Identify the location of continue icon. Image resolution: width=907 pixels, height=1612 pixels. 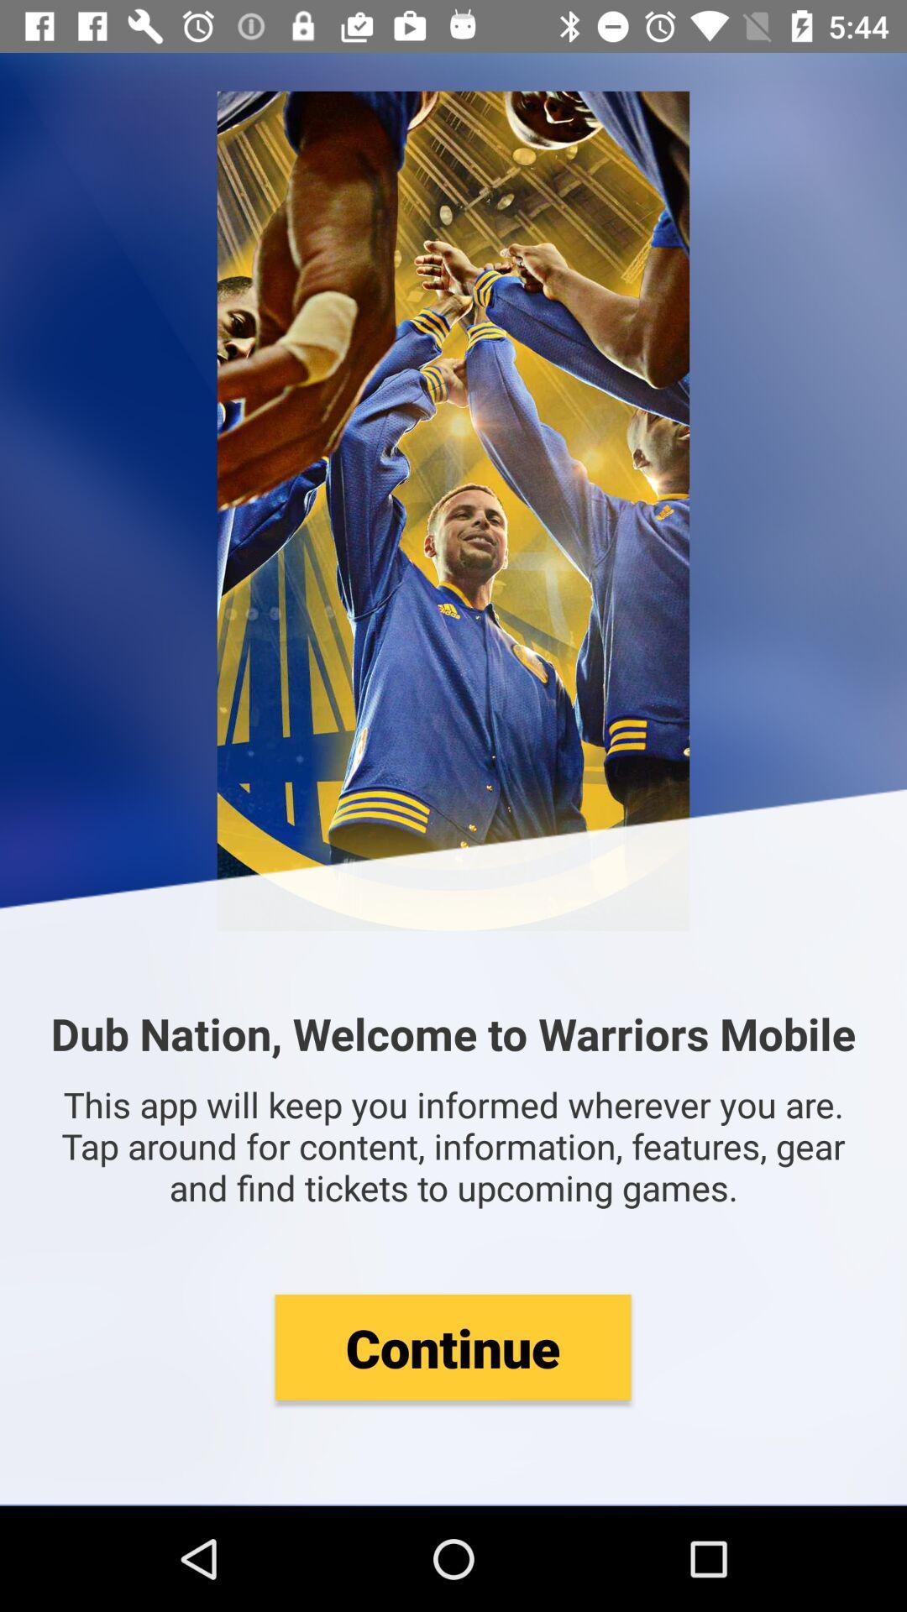
(452, 1347).